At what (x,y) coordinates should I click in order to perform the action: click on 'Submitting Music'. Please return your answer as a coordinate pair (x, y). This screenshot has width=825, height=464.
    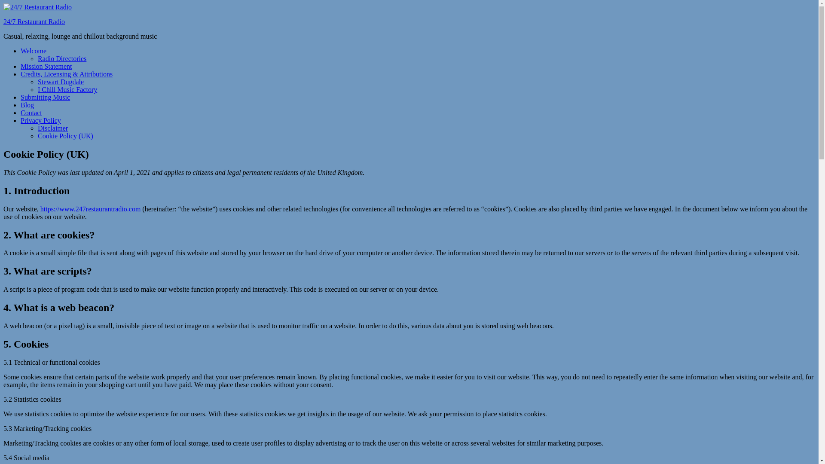
    Looking at the image, I should click on (45, 97).